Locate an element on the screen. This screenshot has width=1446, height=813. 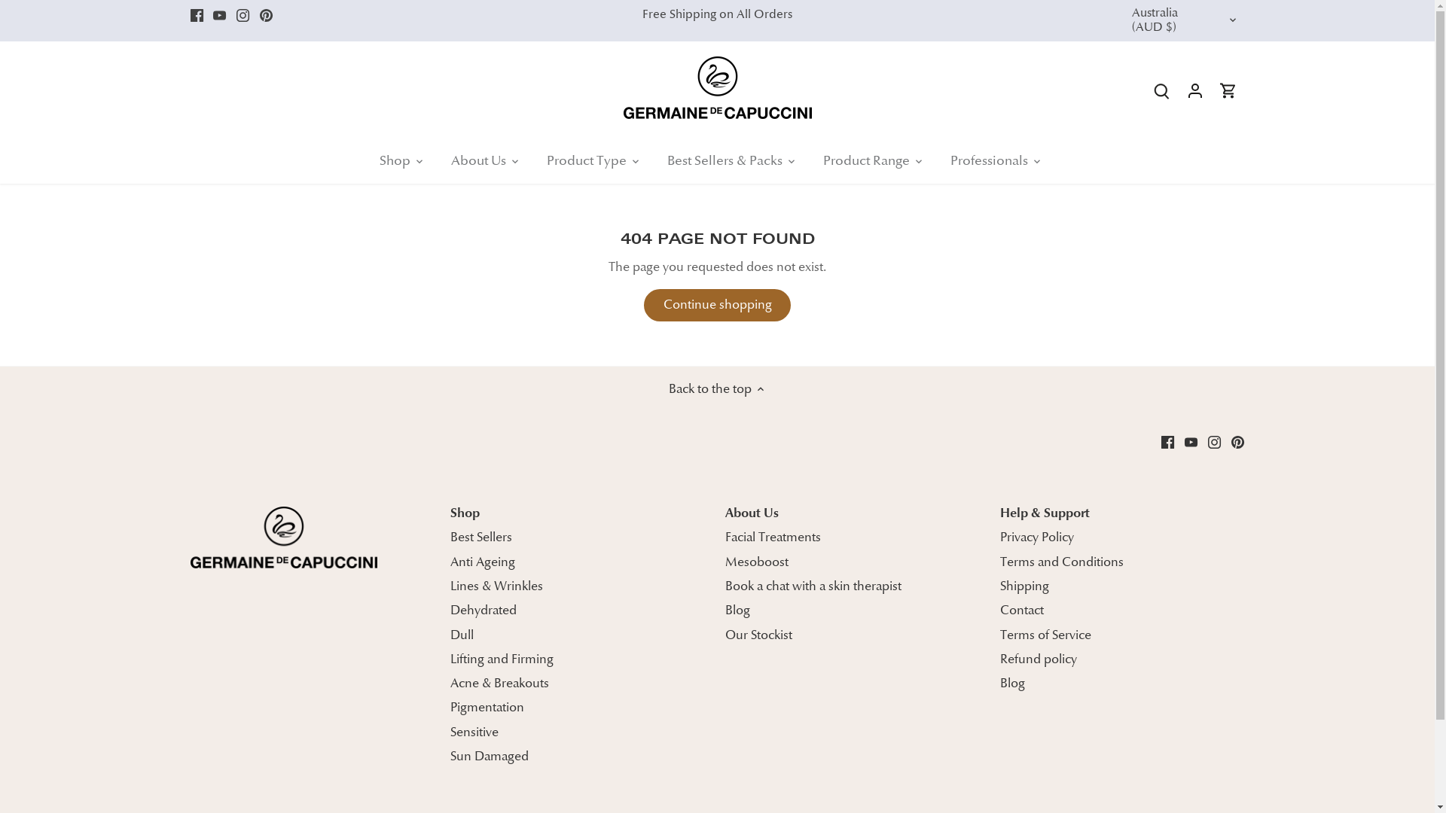
'Our Stockist' is located at coordinates (758, 635).